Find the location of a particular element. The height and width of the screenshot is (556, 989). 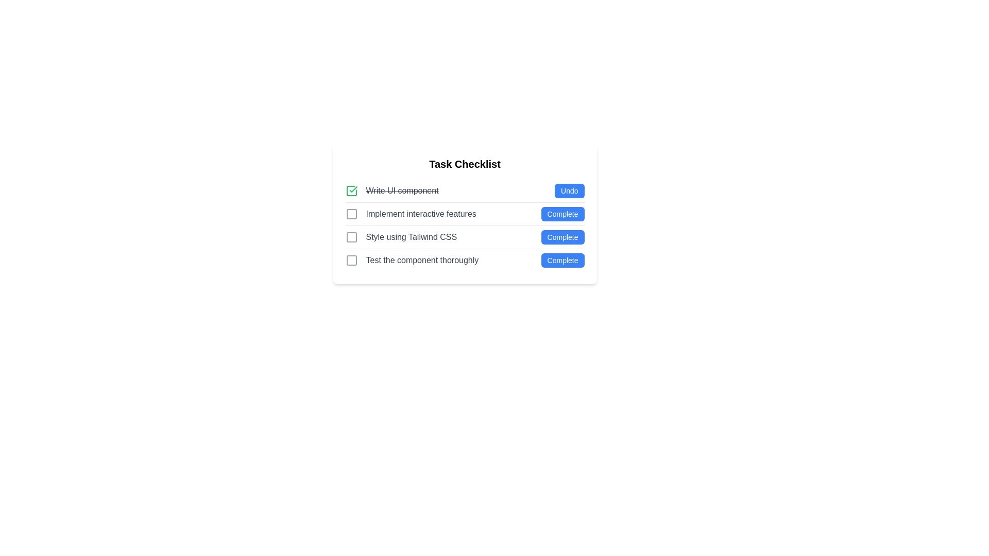

the text label displaying 'Implement interactive features' in a gray font, which is located in the second row of the checklist table under the main heading 'Task Checklist' is located at coordinates (421, 214).